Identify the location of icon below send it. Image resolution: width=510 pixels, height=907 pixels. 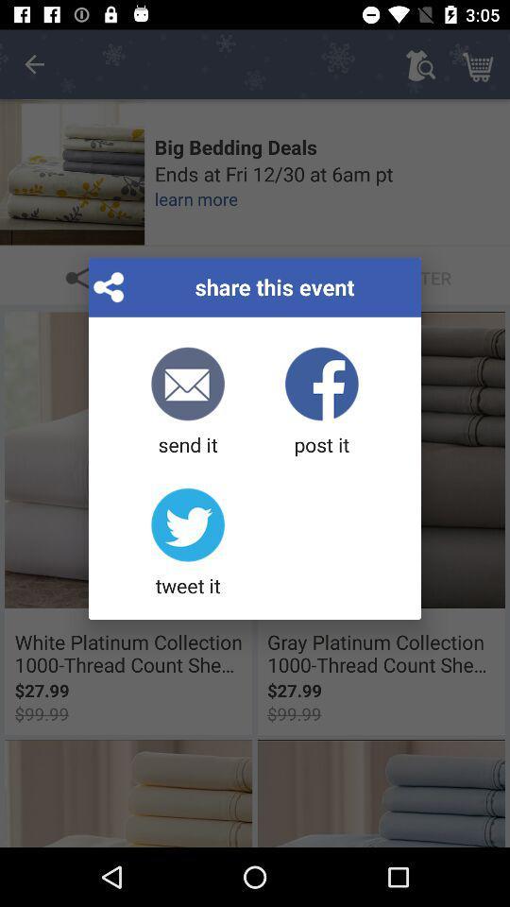
(188, 543).